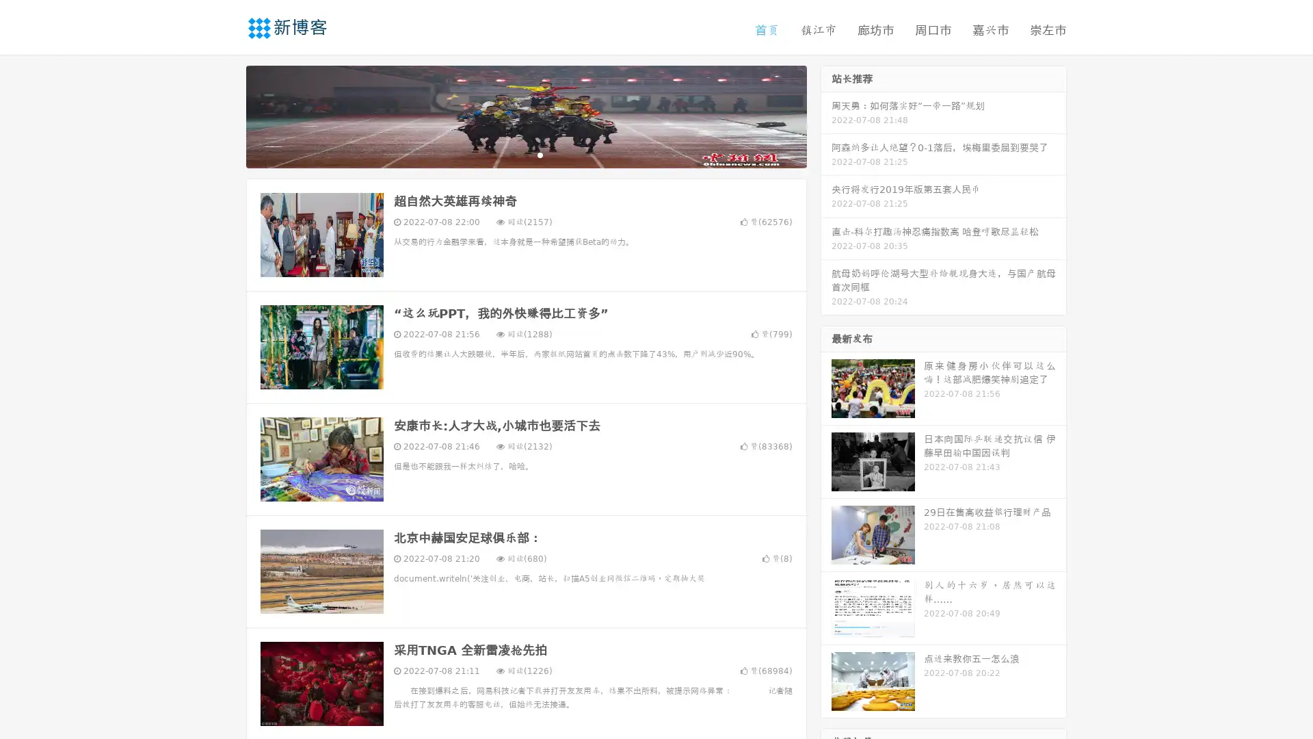 Image resolution: width=1313 pixels, height=739 pixels. I want to click on Go to slide 2, so click(525, 154).